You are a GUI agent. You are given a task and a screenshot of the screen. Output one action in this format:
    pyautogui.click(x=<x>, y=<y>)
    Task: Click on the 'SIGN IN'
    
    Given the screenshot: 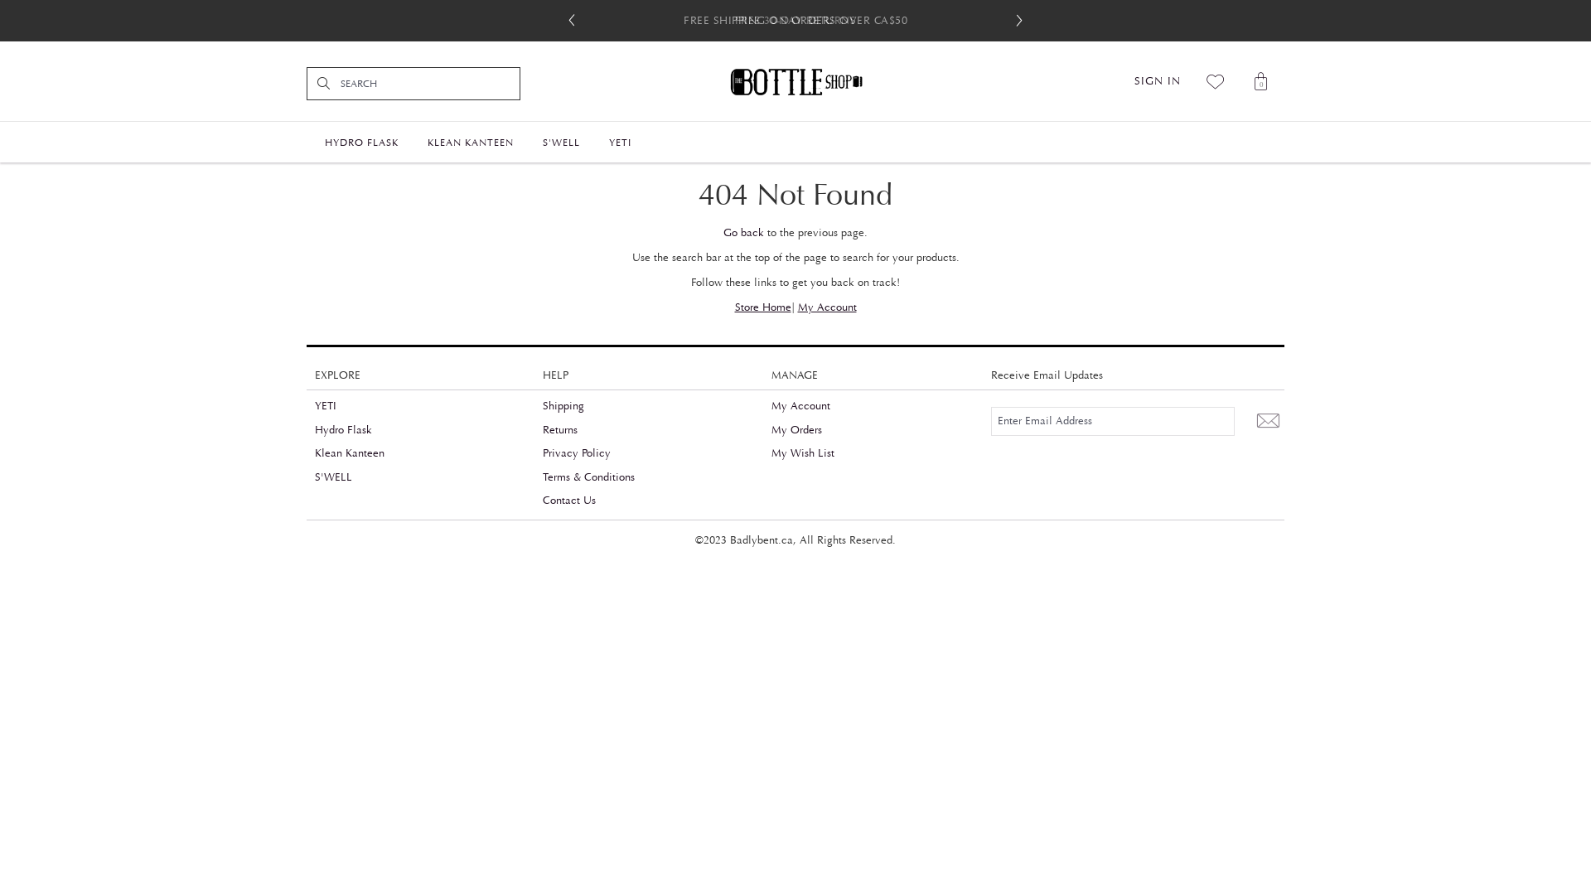 What is the action you would take?
    pyautogui.click(x=1156, y=81)
    